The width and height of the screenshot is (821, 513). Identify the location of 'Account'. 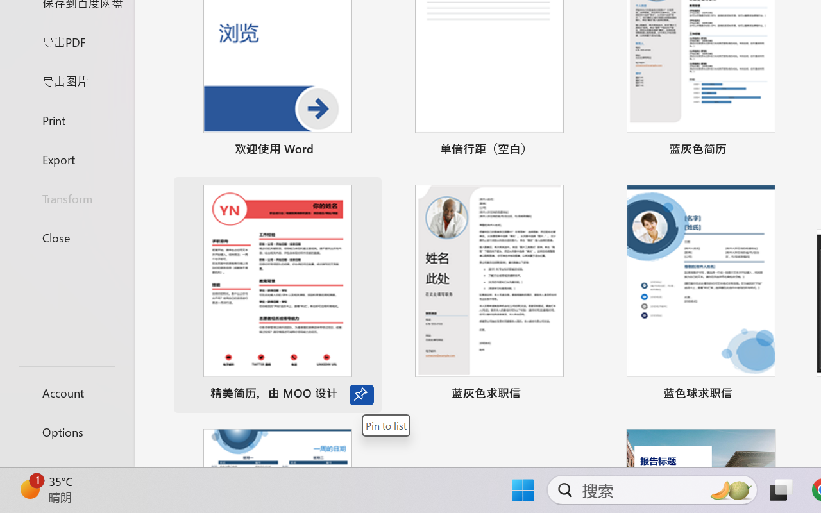
(66, 392).